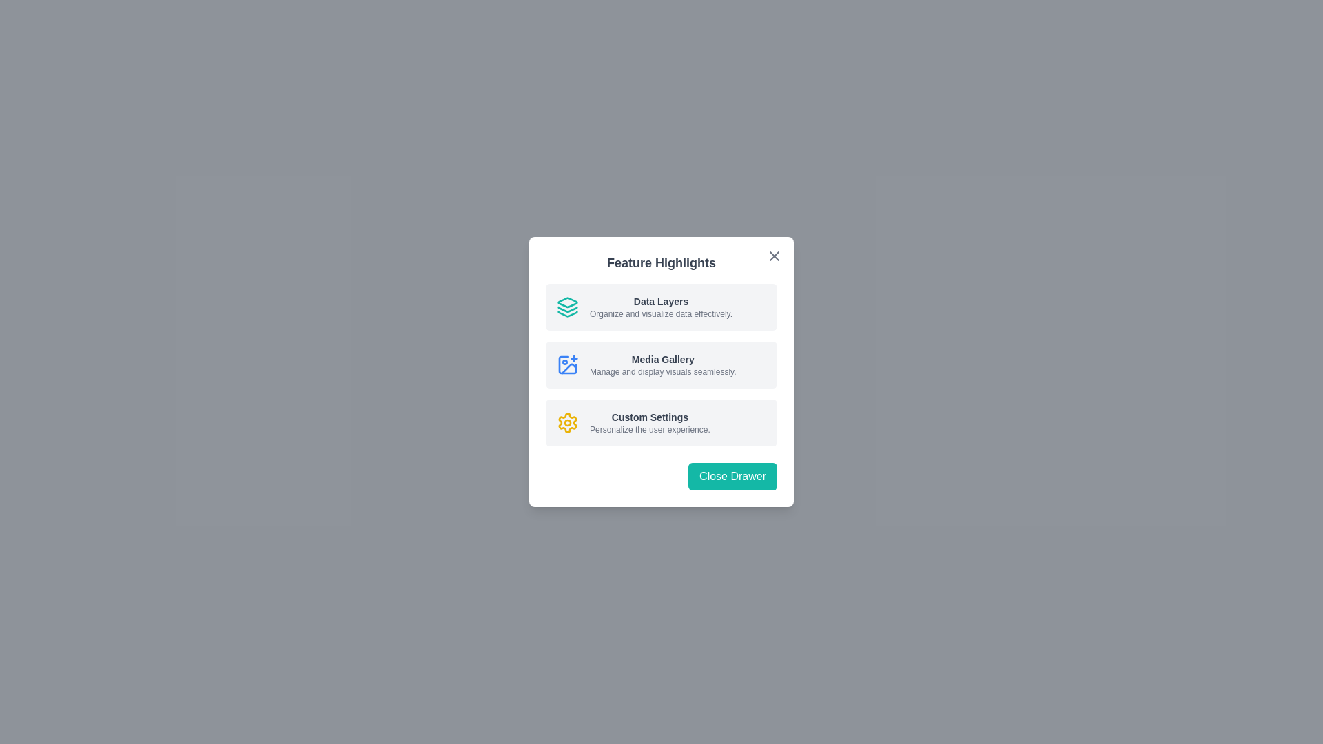 The image size is (1323, 744). I want to click on the text label that provides descriptive details about the 'Custom Settings' feature, located under the 'Custom Settings' title, so click(649, 429).